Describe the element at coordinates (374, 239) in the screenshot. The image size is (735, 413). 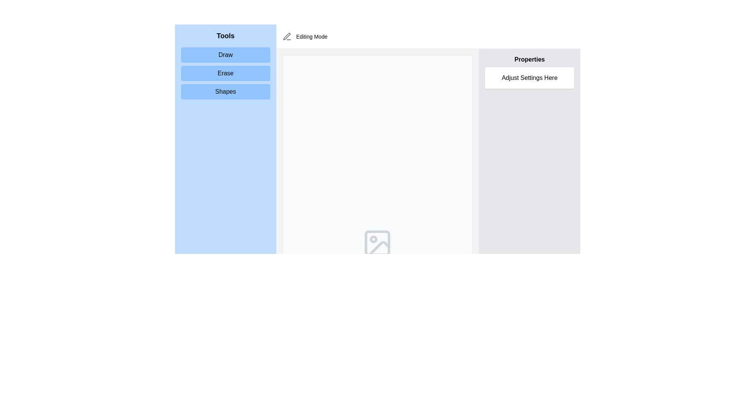
I see `the small decorative circle located inside the larger image icon at the lower-central region of the interface` at that location.